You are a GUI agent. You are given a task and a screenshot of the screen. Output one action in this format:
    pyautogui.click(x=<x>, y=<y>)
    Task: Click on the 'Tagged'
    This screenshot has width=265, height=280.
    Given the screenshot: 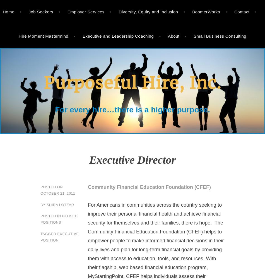 What is the action you would take?
    pyautogui.click(x=49, y=233)
    